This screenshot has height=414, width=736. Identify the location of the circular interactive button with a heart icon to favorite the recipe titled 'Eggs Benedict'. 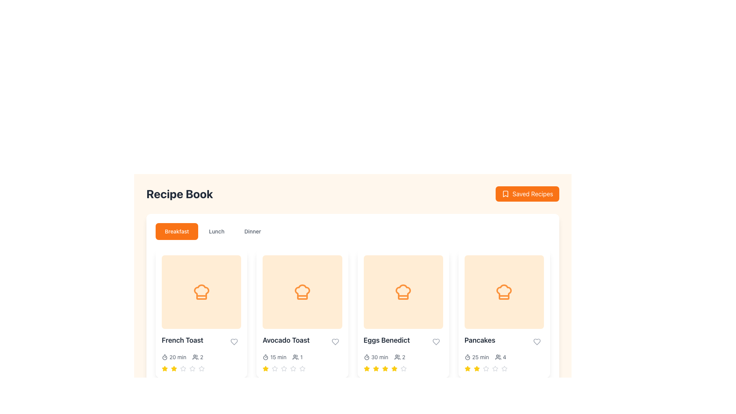
(436, 341).